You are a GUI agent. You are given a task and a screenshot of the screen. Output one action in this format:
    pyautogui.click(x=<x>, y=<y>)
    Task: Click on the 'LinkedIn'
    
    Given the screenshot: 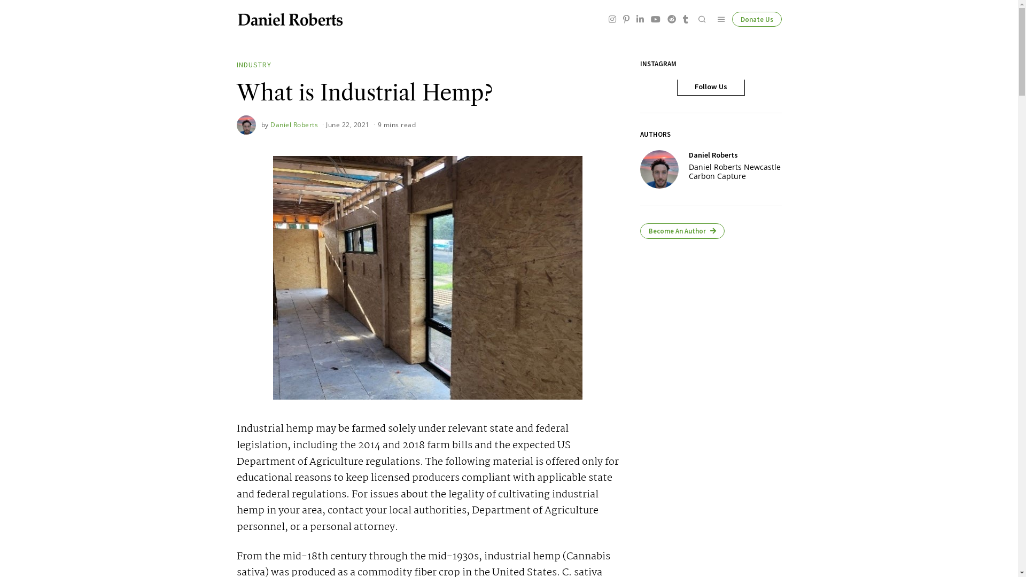 What is the action you would take?
    pyautogui.click(x=640, y=19)
    